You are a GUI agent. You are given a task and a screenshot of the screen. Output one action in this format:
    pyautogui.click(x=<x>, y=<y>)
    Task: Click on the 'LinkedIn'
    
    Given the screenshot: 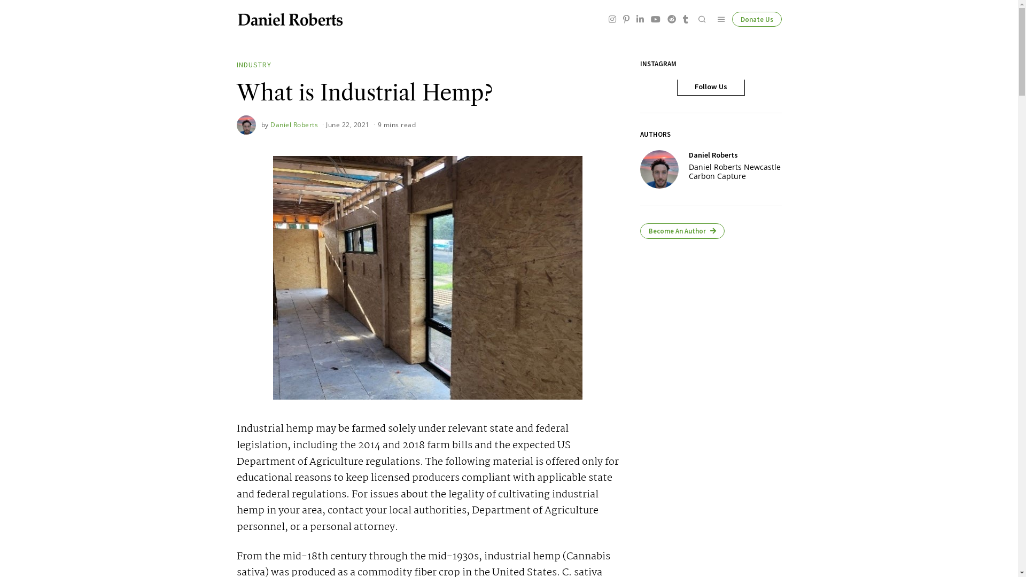 What is the action you would take?
    pyautogui.click(x=640, y=19)
    